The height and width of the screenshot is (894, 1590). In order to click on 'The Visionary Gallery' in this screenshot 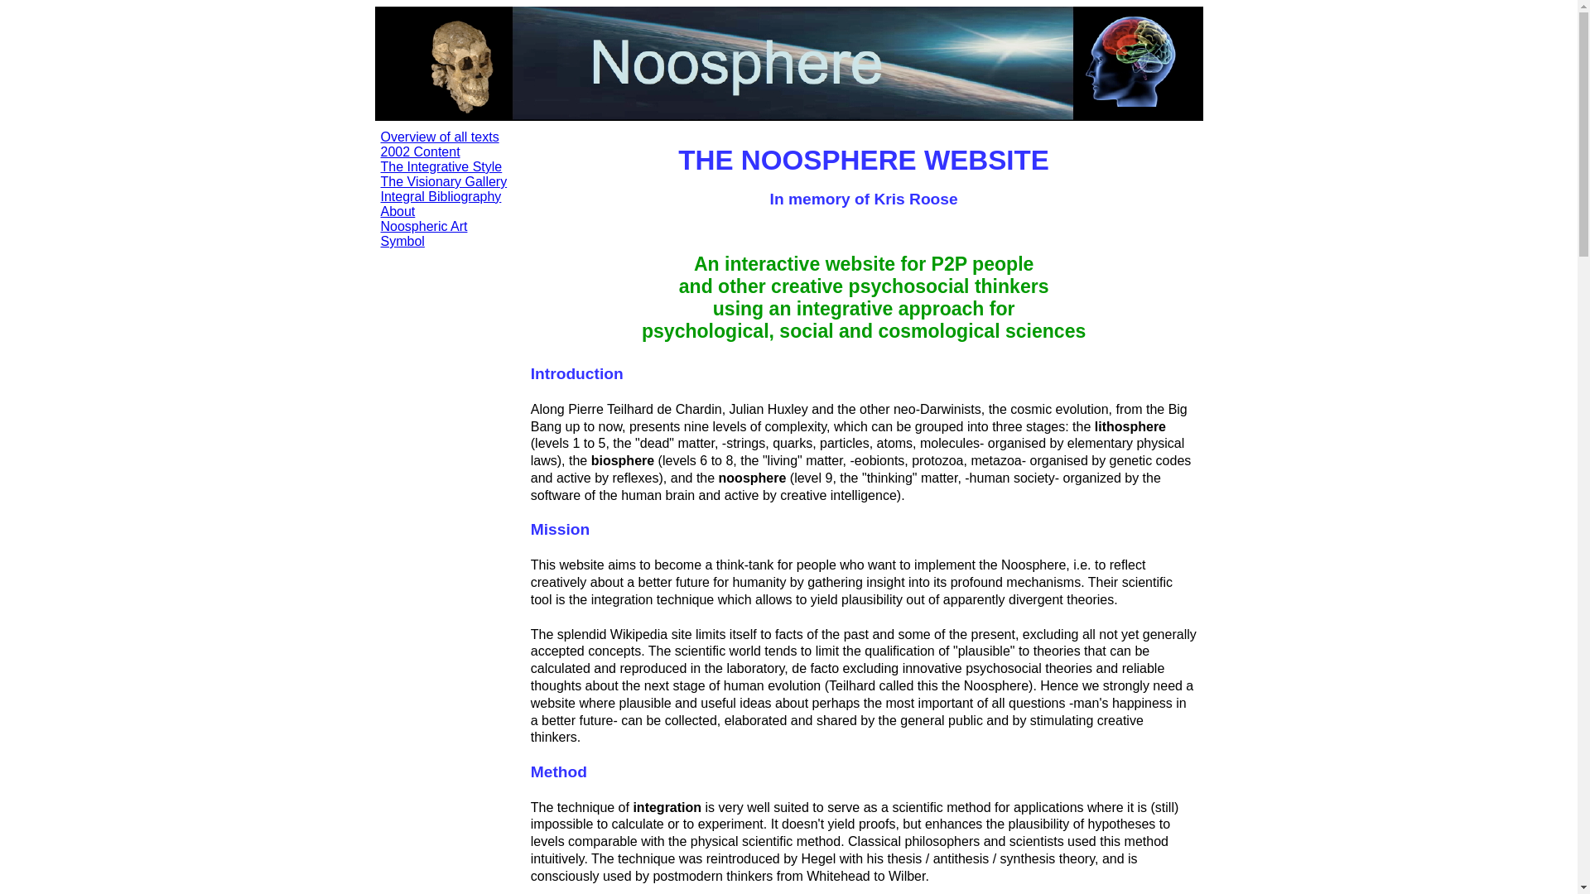, I will do `click(380, 181)`.